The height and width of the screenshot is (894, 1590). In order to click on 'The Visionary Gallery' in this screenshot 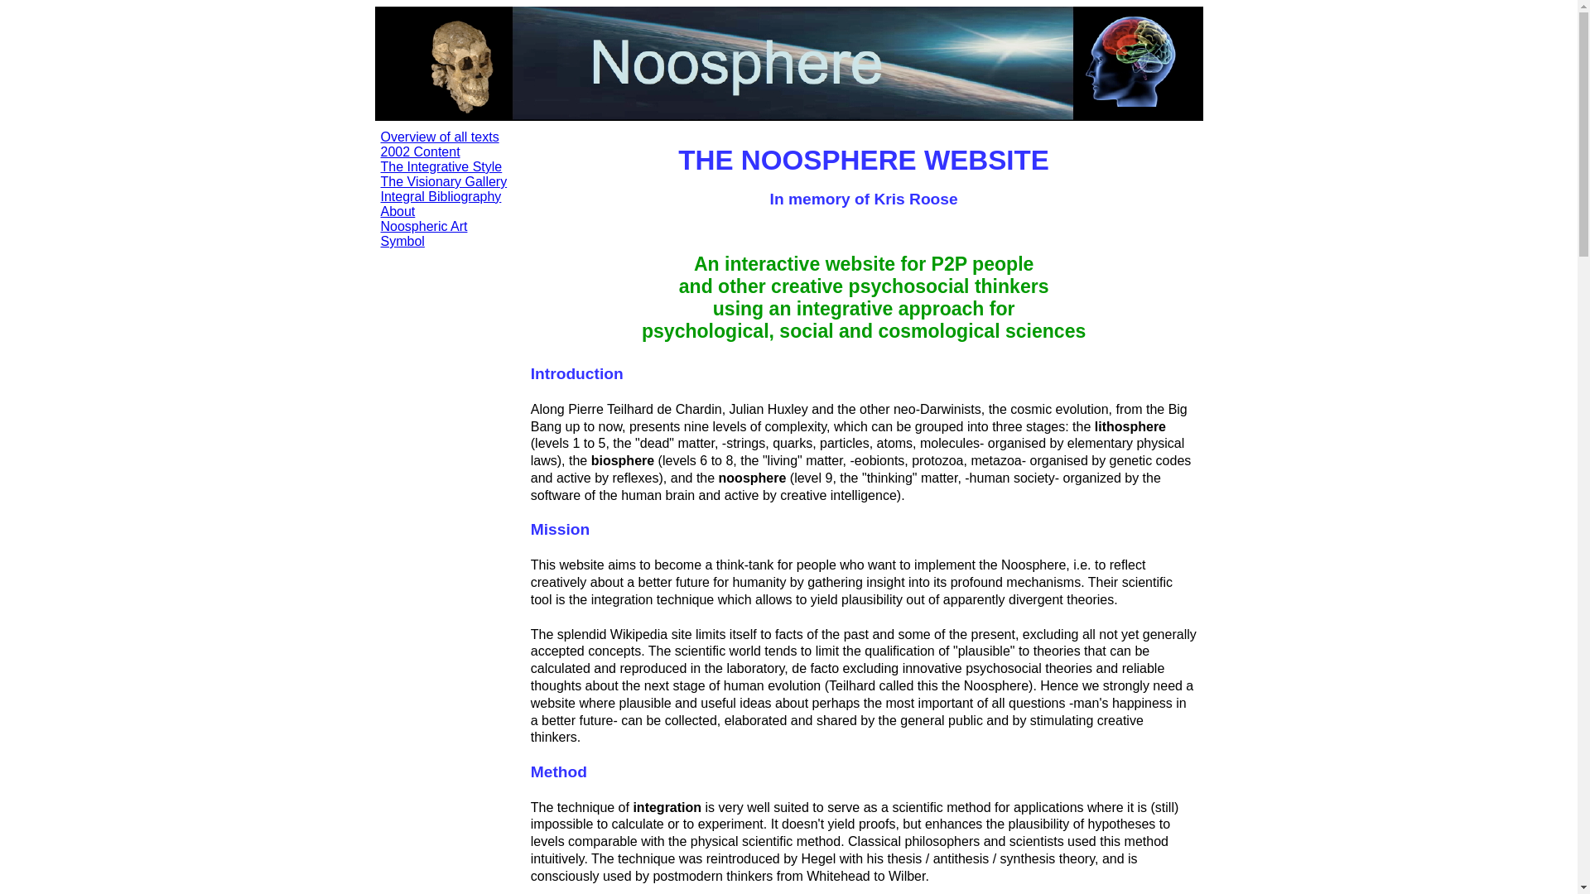, I will do `click(380, 181)`.